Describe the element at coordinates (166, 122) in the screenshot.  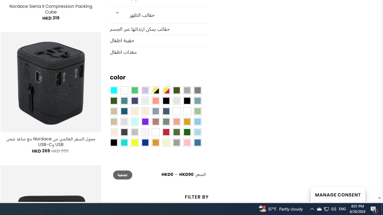
I see `'Sage'` at that location.